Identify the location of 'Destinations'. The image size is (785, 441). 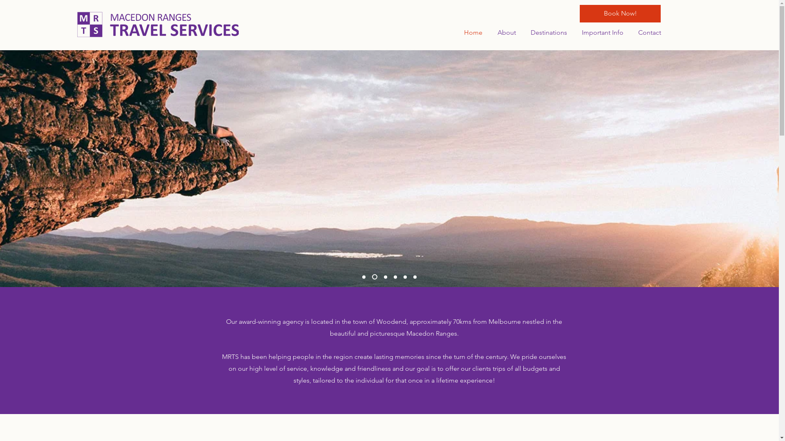
(547, 32).